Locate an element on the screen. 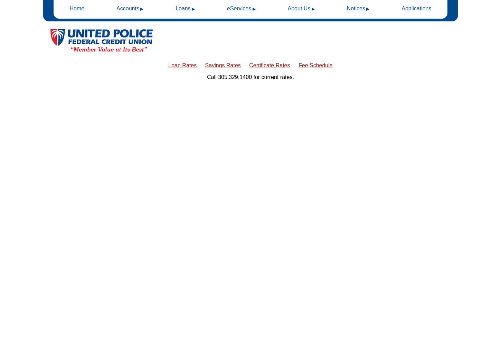 The width and height of the screenshot is (501, 345). 'eServices' is located at coordinates (238, 8).